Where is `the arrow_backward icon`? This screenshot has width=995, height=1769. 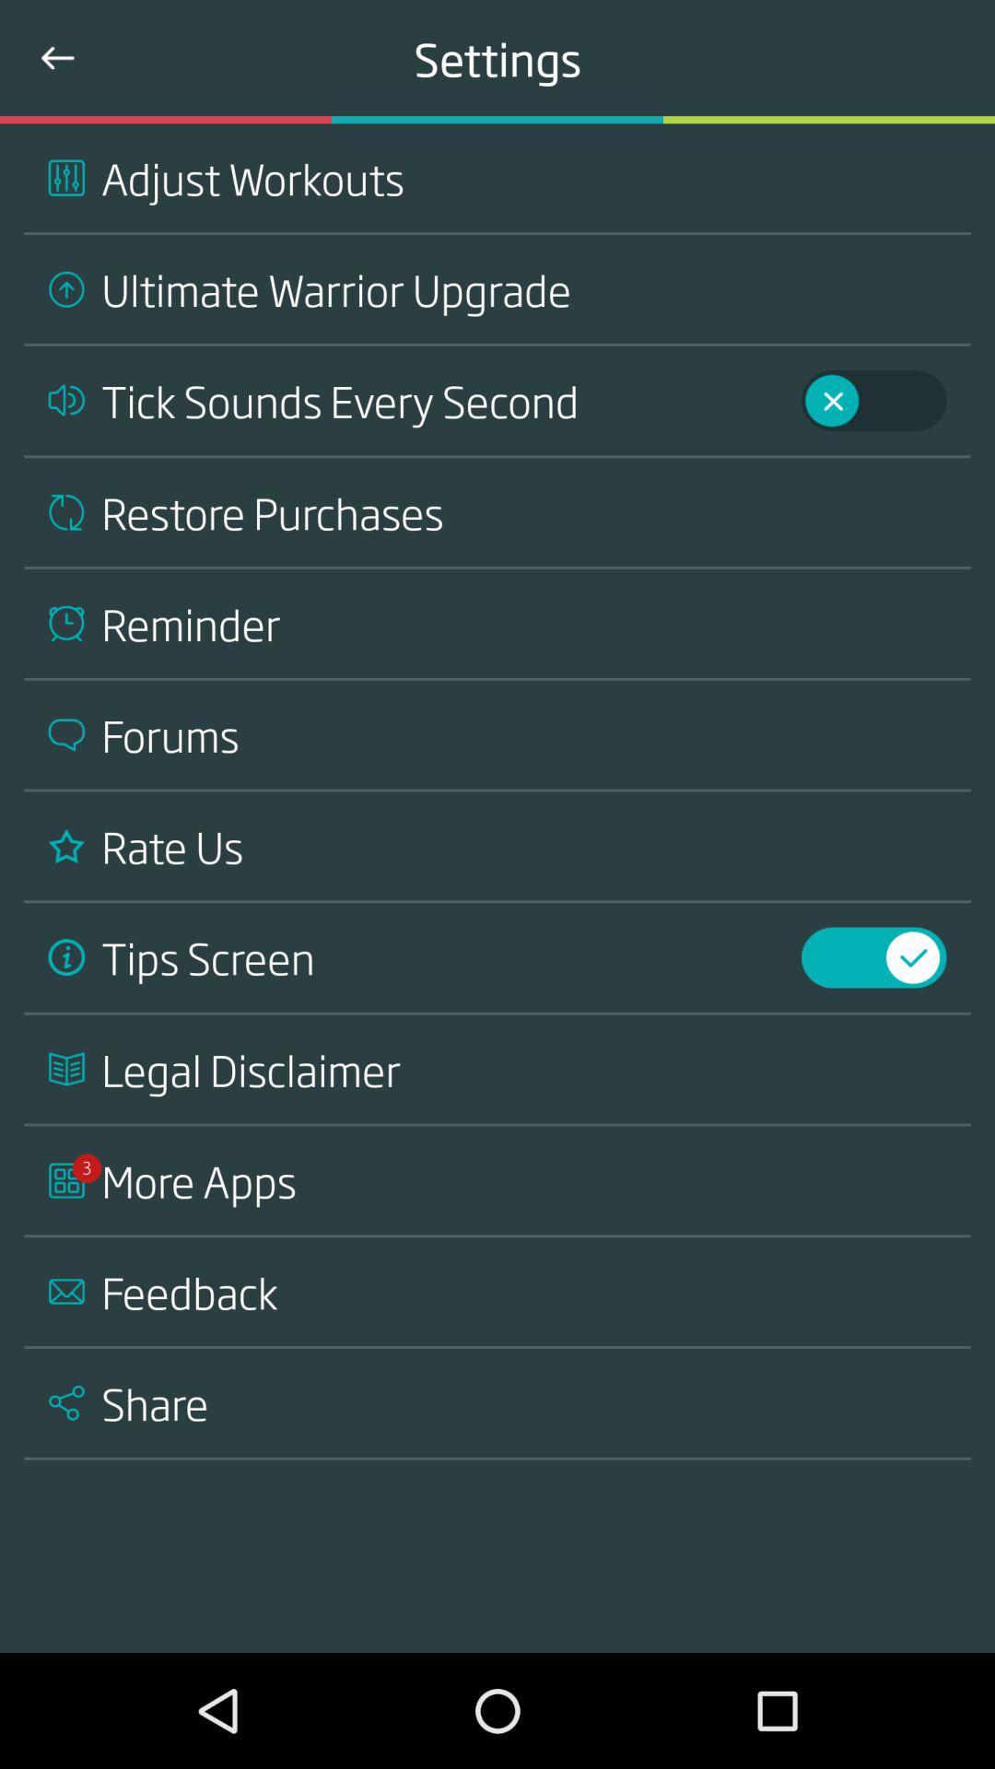
the arrow_backward icon is located at coordinates (56, 57).